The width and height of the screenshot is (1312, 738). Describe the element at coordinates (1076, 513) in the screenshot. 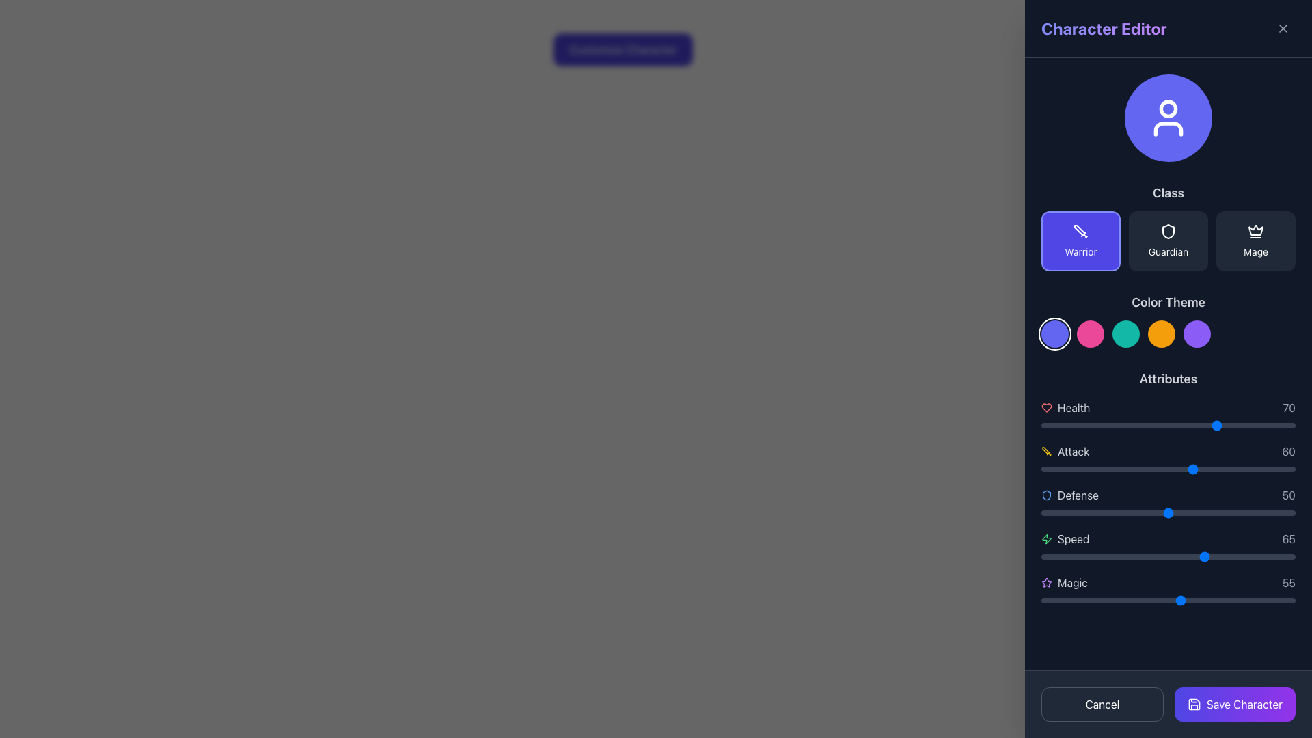

I see `the defense level` at that location.